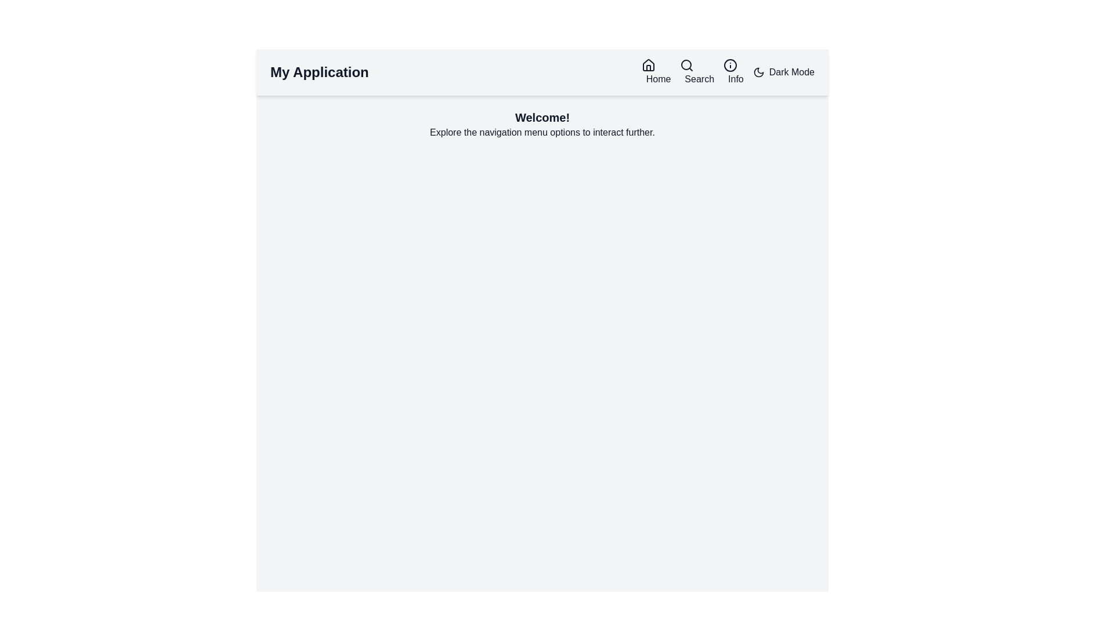 This screenshot has height=626, width=1114. I want to click on the text element displaying the message 'Explore the navigation menu options to interact further.' which is positioned beneath the header 'Welcome!', so click(542, 132).